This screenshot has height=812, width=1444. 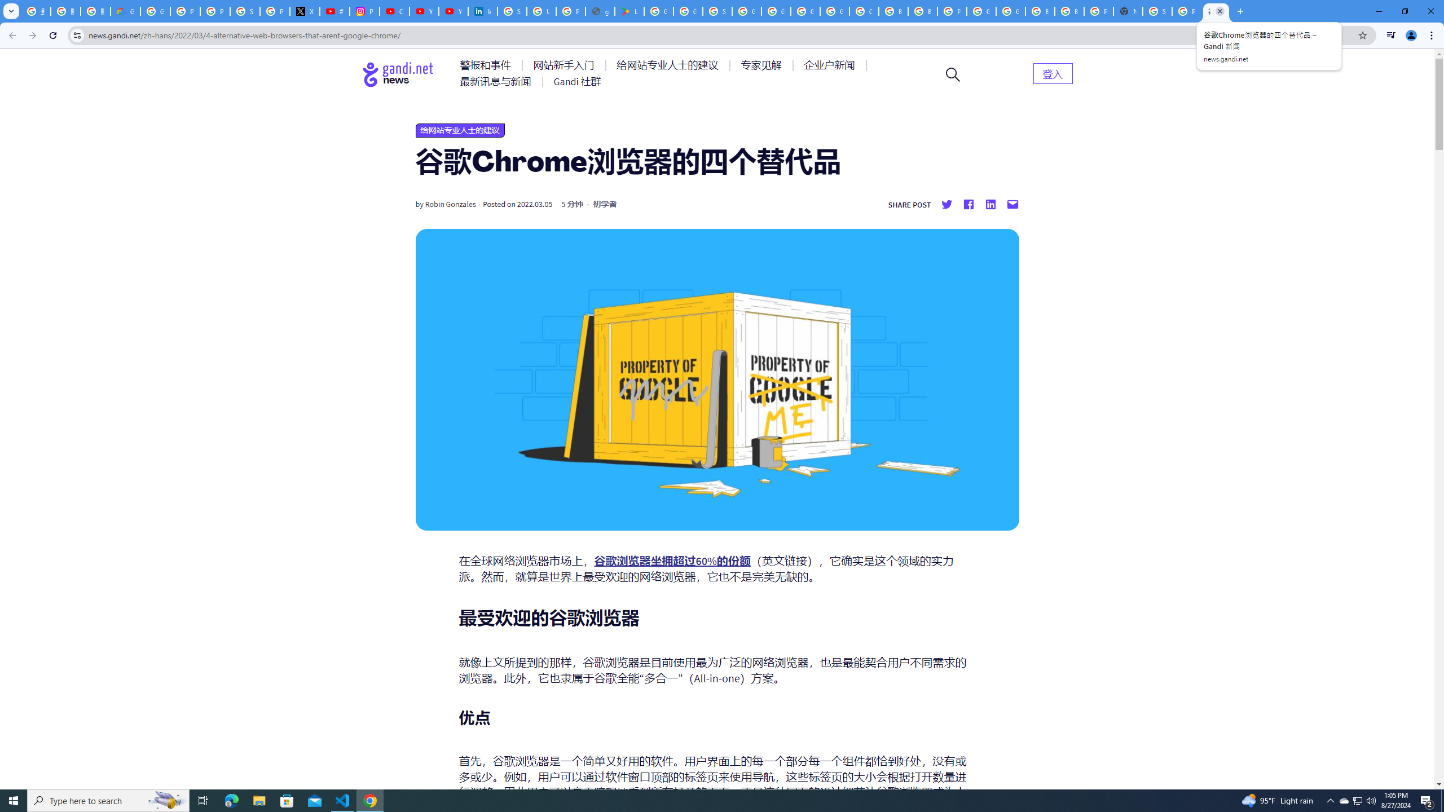 I want to click on 'Browse Chrome as a guest - Computer - Google Chrome Help', so click(x=892, y=11).